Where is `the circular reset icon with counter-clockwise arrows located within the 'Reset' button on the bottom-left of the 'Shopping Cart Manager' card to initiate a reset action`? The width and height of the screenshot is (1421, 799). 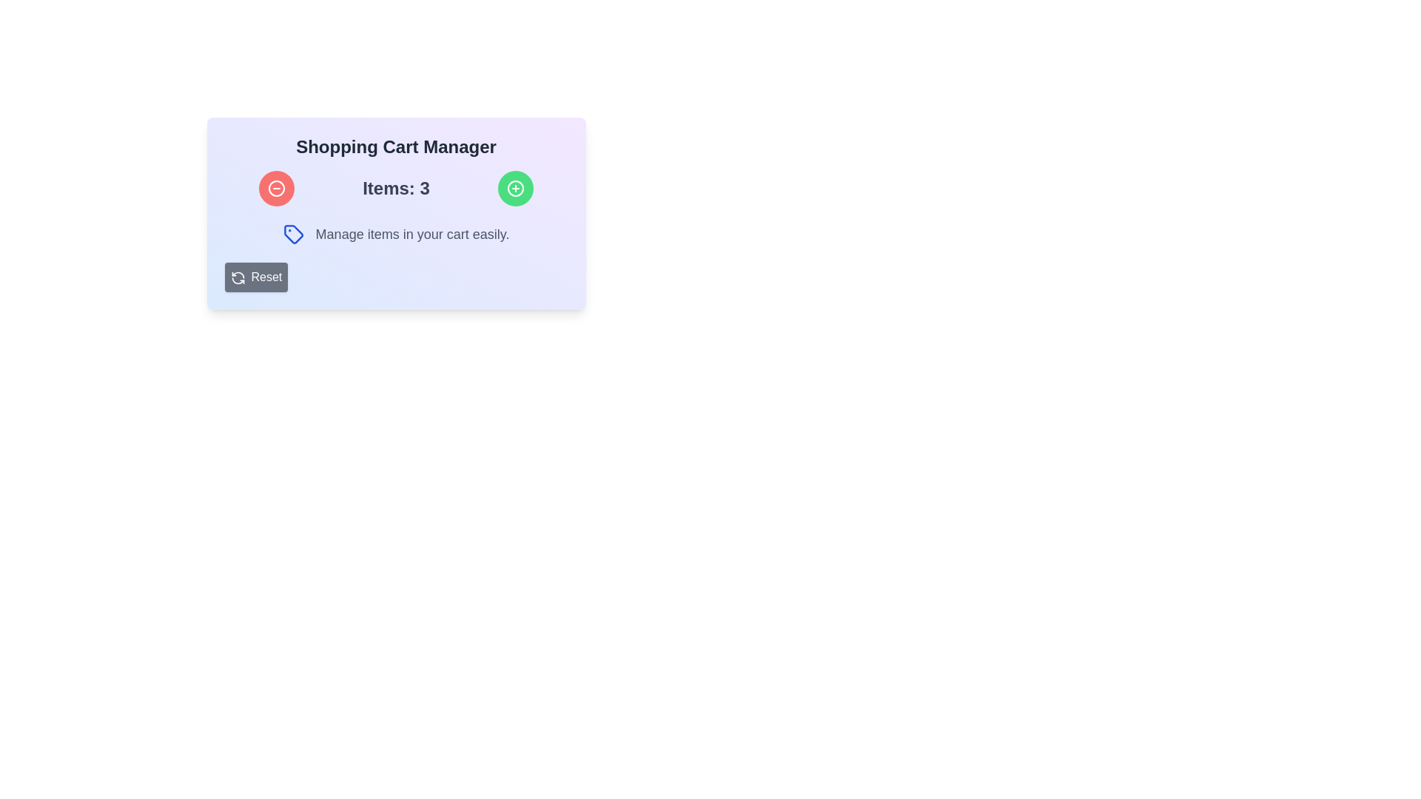 the circular reset icon with counter-clockwise arrows located within the 'Reset' button on the bottom-left of the 'Shopping Cart Manager' card to initiate a reset action is located at coordinates (238, 277).